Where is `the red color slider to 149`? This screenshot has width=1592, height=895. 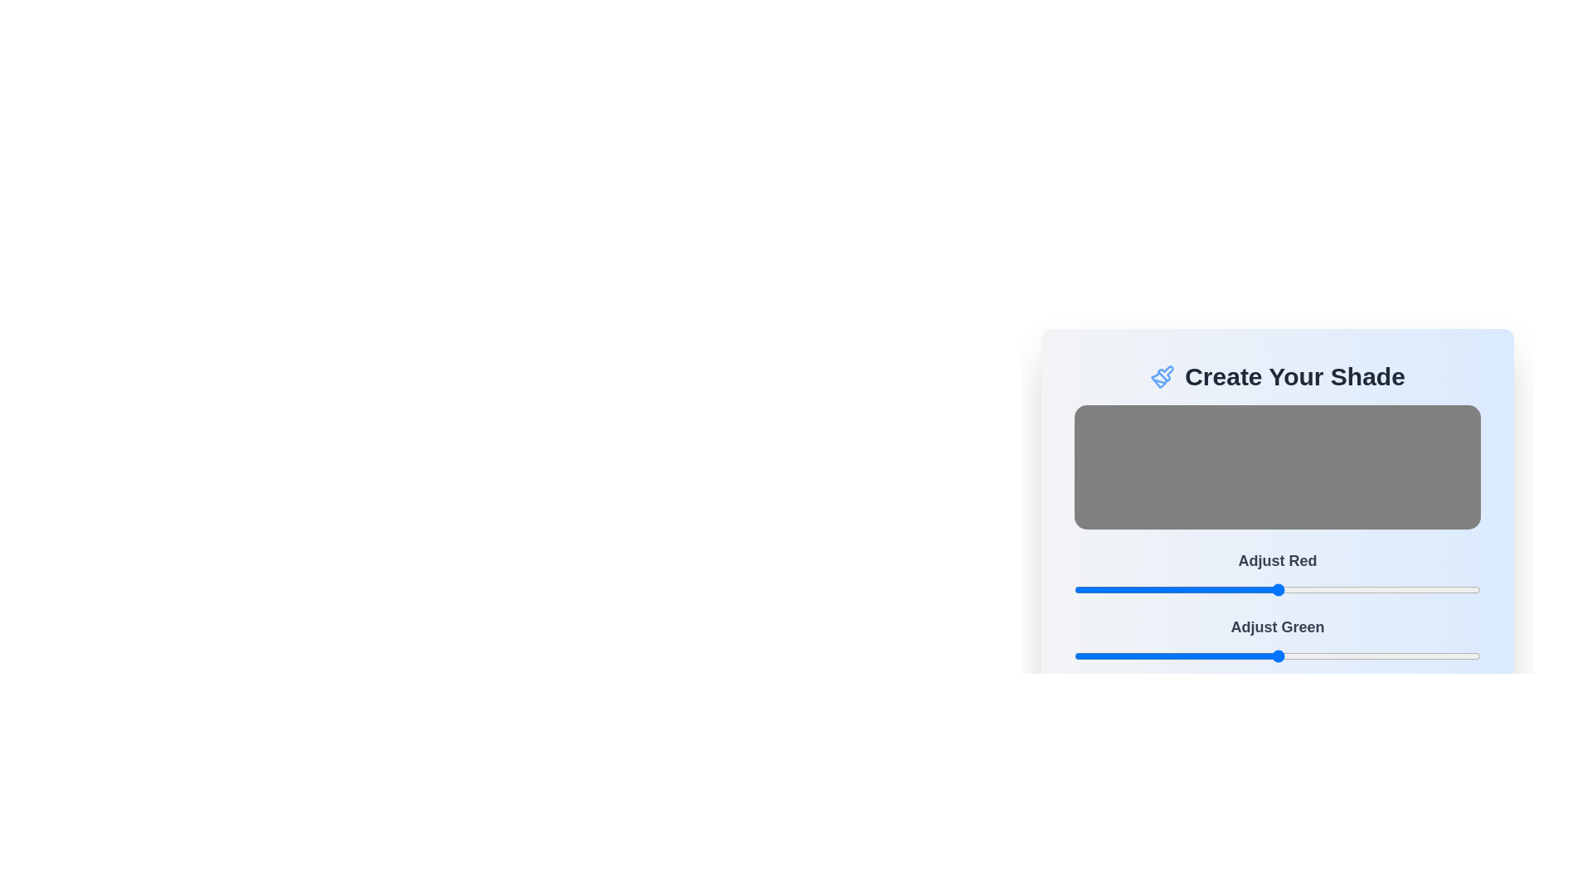 the red color slider to 149 is located at coordinates (1311, 589).